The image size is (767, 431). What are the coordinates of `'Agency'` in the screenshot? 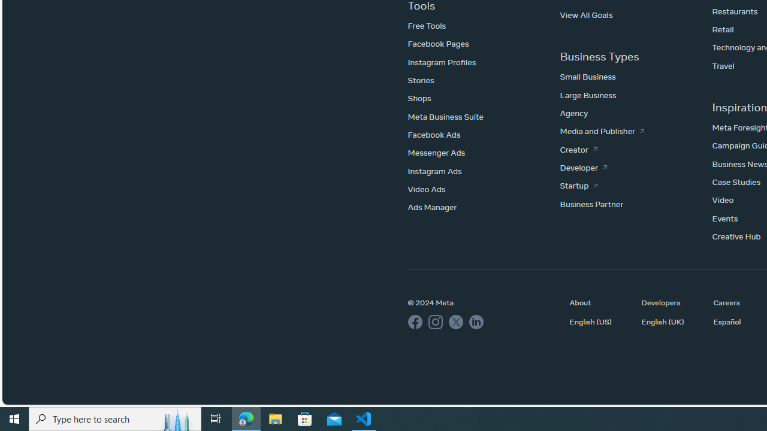 It's located at (573, 113).